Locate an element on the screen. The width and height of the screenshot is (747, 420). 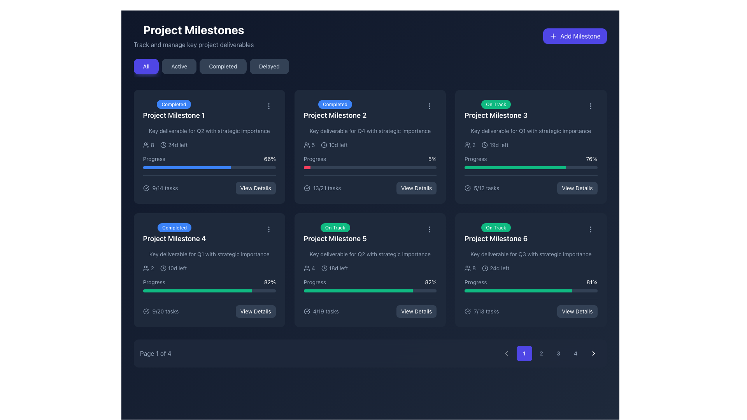
the Chevron left icon used for navigating to the previous page in the pagination section, located above the '1' pagination button is located at coordinates (506, 353).